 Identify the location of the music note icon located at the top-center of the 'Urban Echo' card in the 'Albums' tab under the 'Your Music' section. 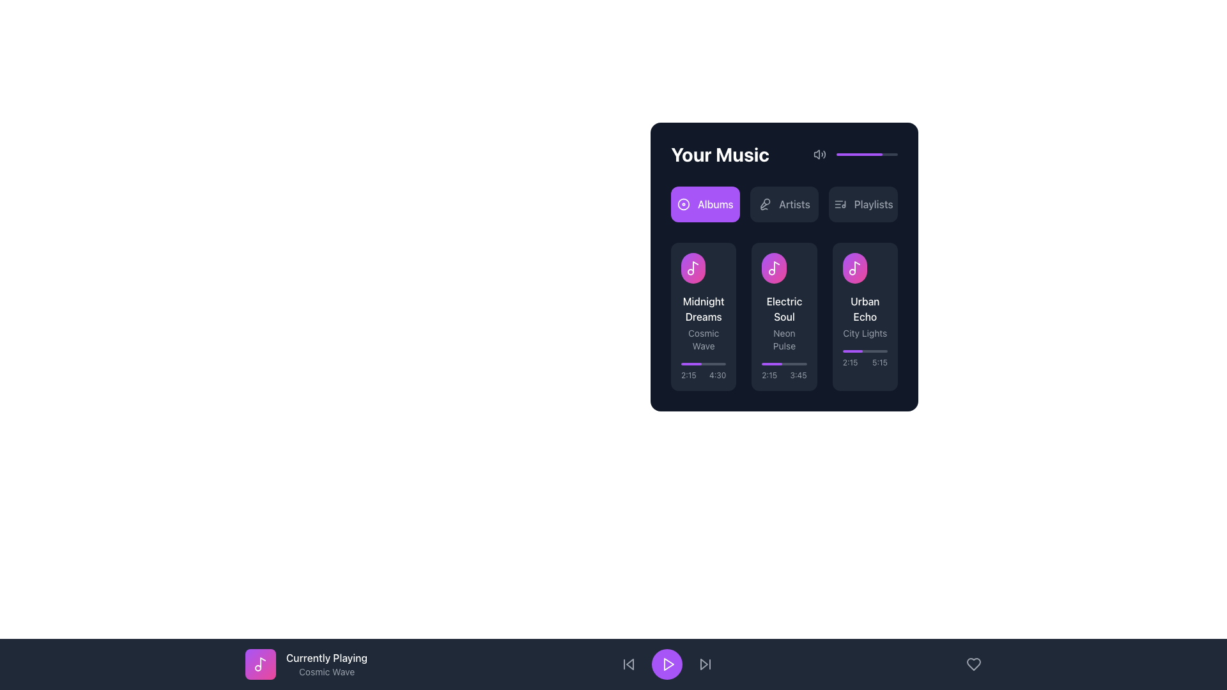
(854, 268).